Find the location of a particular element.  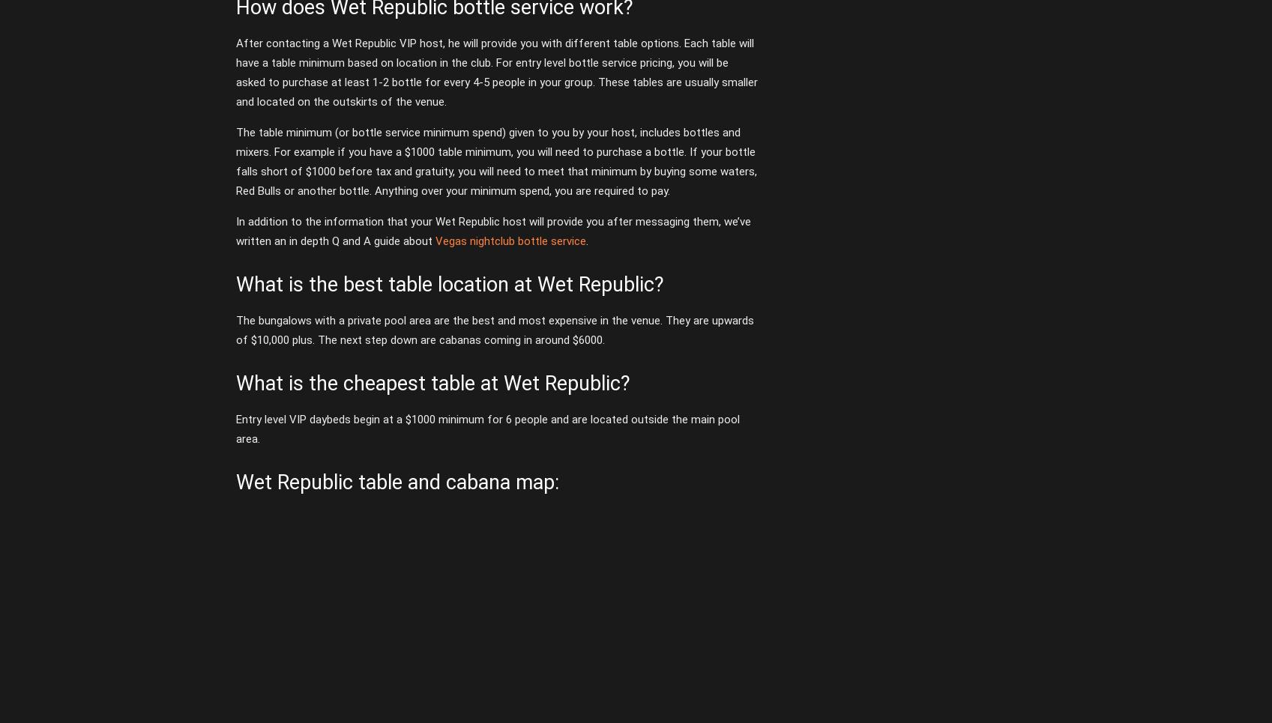

'Wet Republic table and cabana map:' is located at coordinates (235, 481).